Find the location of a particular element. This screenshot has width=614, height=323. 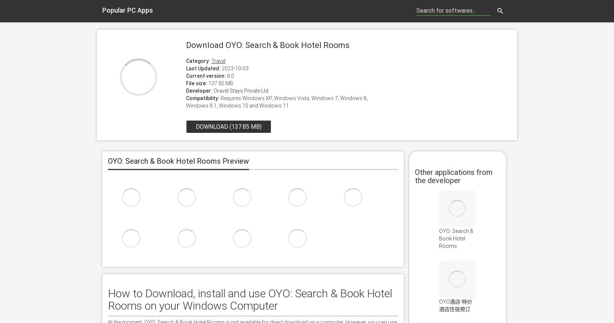

'2023-10-03' is located at coordinates (234, 68).